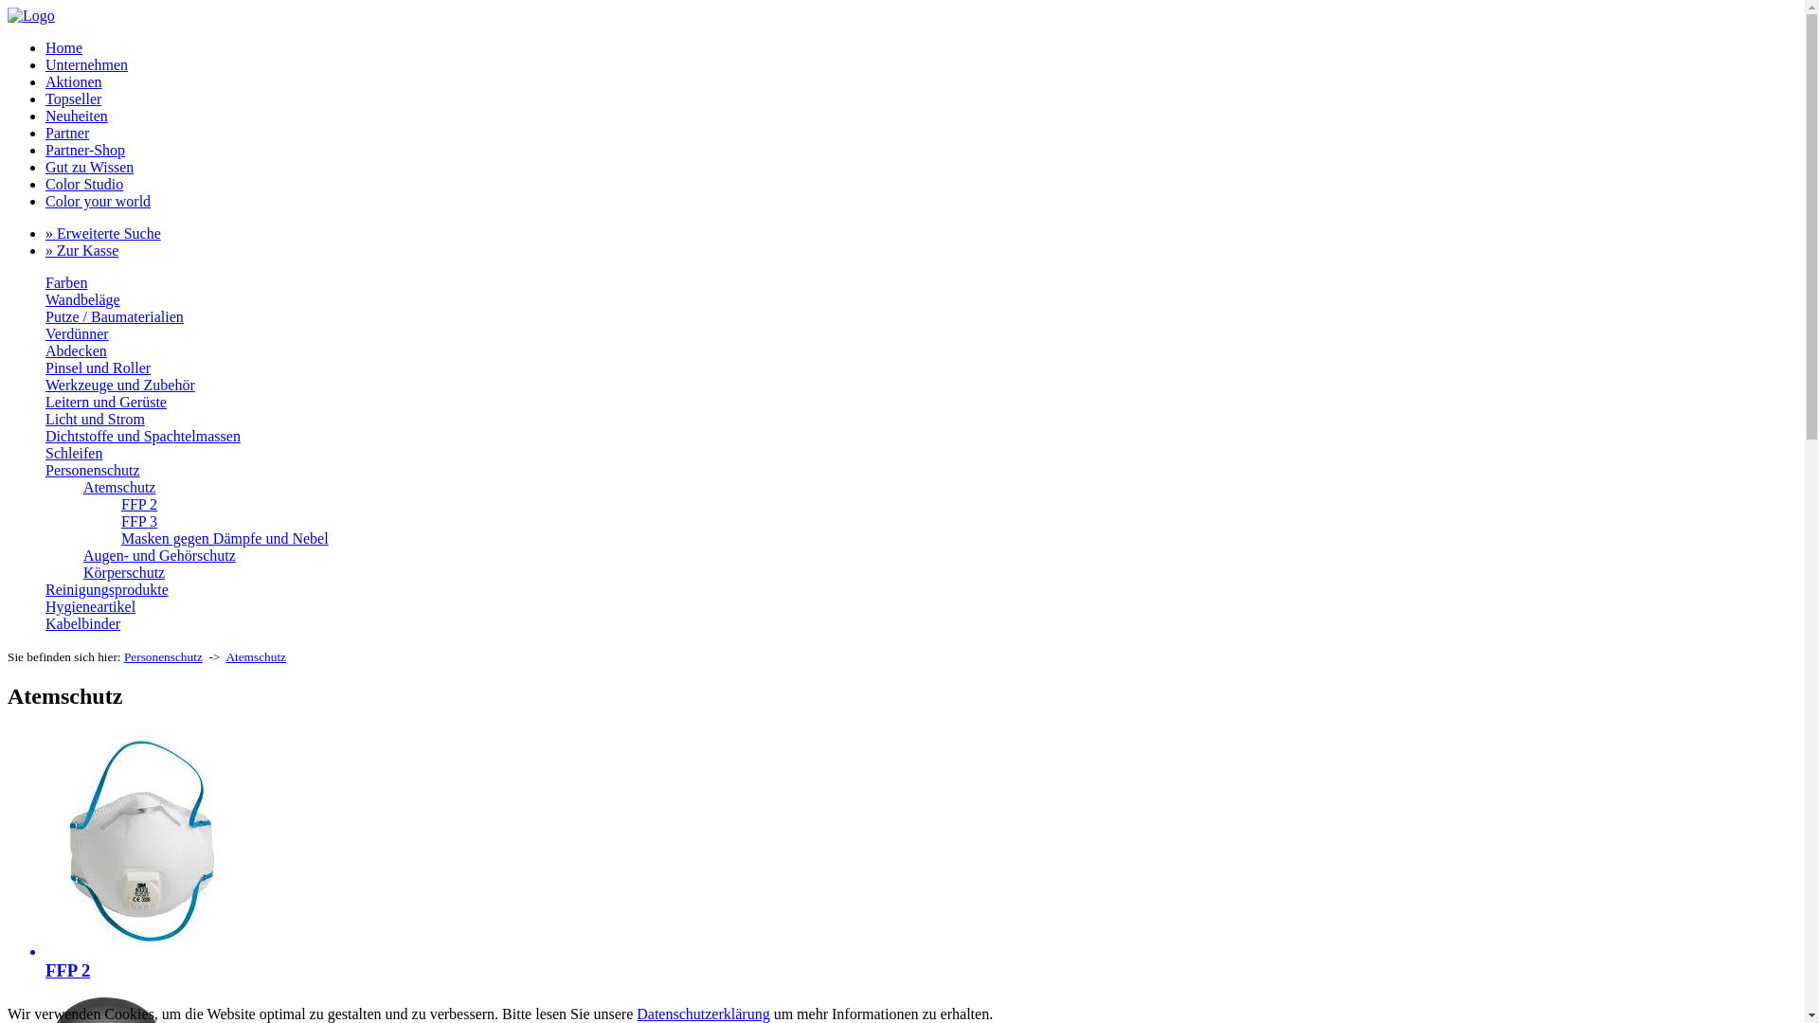 This screenshot has width=1819, height=1023. Describe the element at coordinates (97, 201) in the screenshot. I see `'Color your world'` at that location.